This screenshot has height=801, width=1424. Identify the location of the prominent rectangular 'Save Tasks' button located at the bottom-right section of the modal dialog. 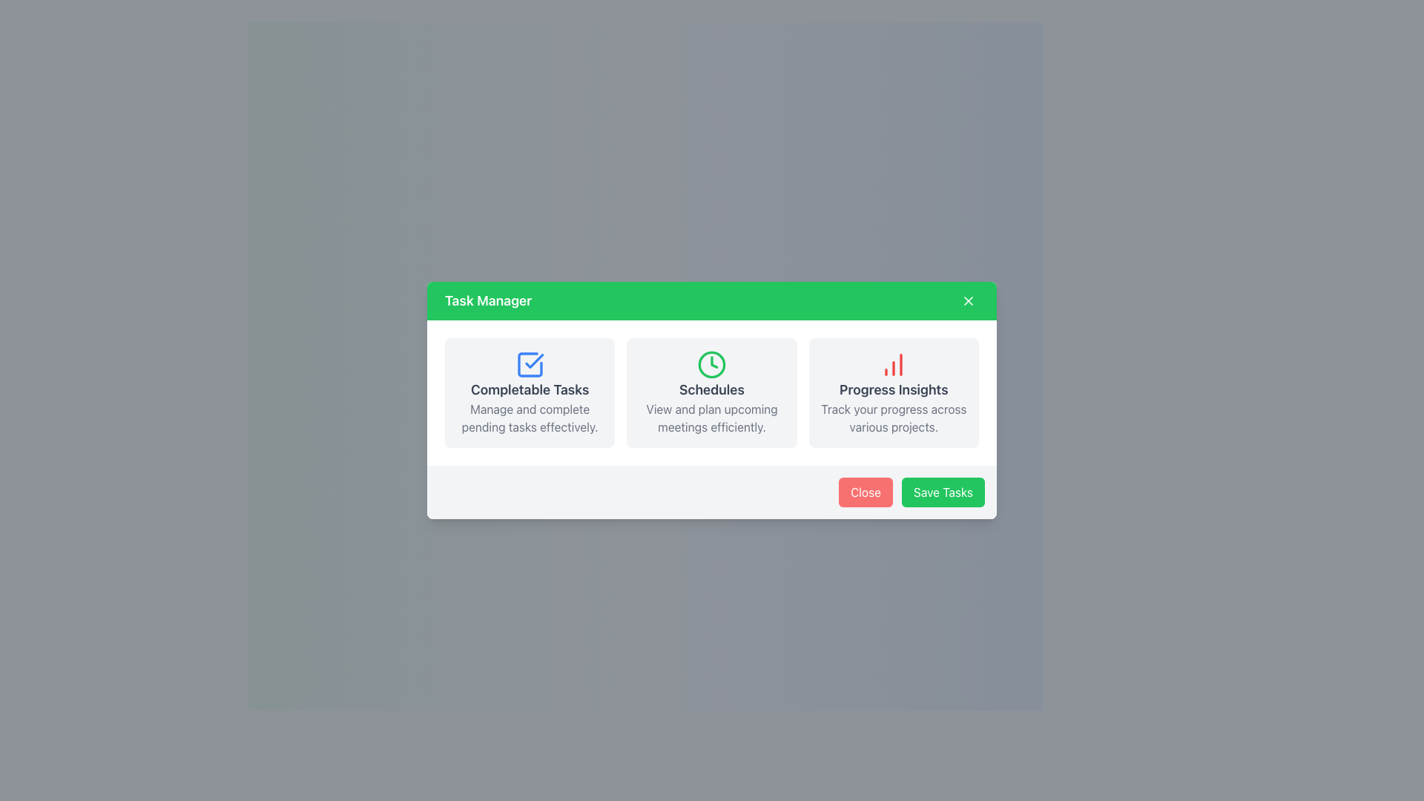
(943, 492).